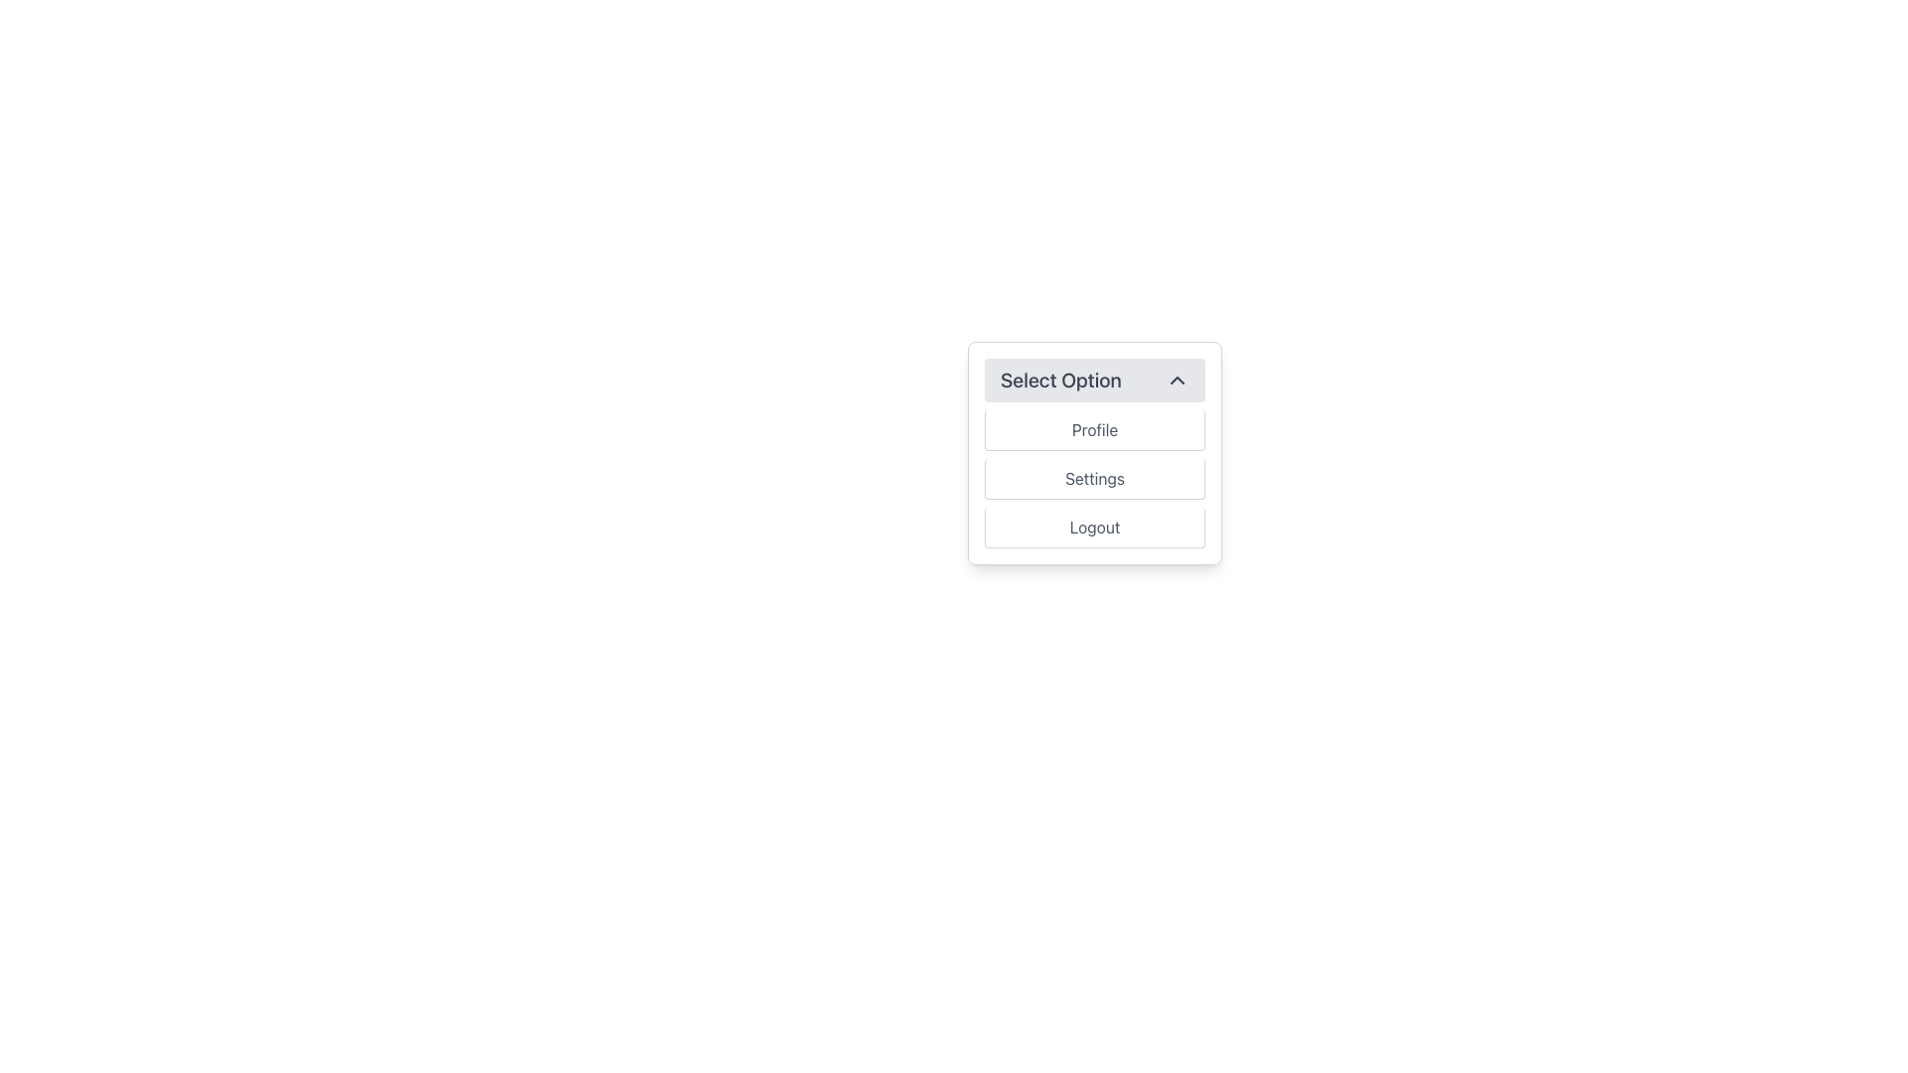 This screenshot has width=1908, height=1073. Describe the element at coordinates (1094, 380) in the screenshot. I see `the Dropdown Toggle button located at the top of the vertical list, which expands or collapses the options below it` at that location.